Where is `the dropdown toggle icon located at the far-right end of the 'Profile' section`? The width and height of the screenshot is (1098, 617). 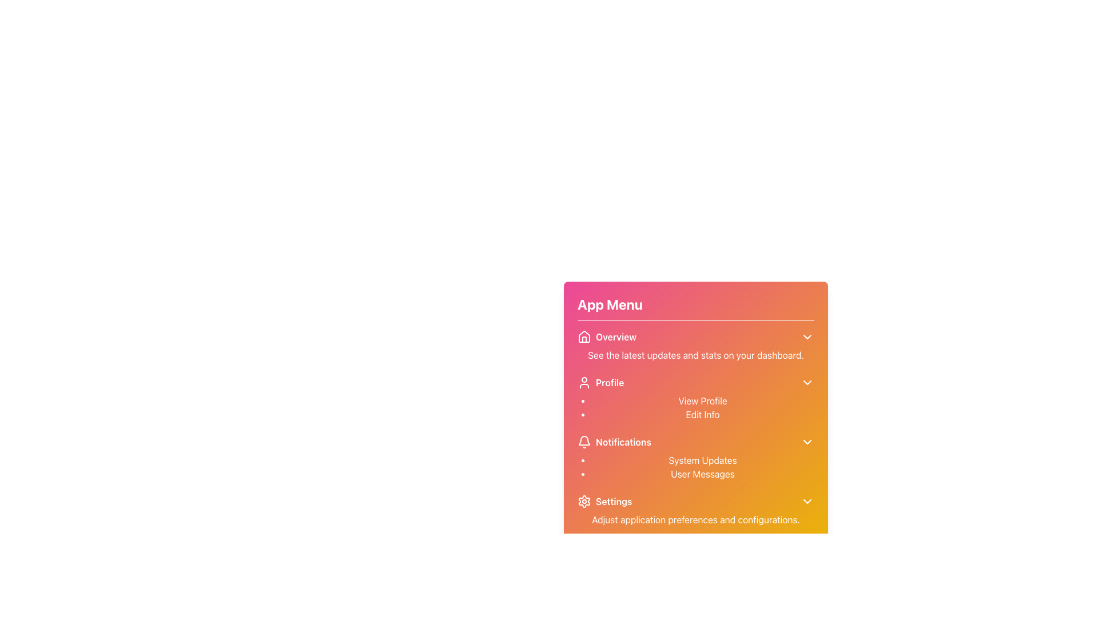 the dropdown toggle icon located at the far-right end of the 'Profile' section is located at coordinates (806, 383).